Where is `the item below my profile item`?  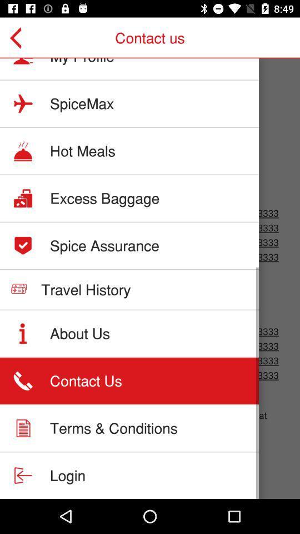 the item below my profile item is located at coordinates (81, 103).